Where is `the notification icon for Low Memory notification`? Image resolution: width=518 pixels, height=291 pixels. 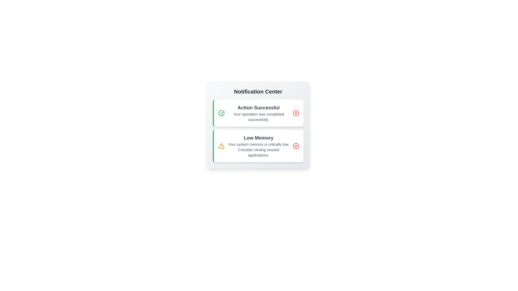
the notification icon for Low Memory notification is located at coordinates (221, 146).